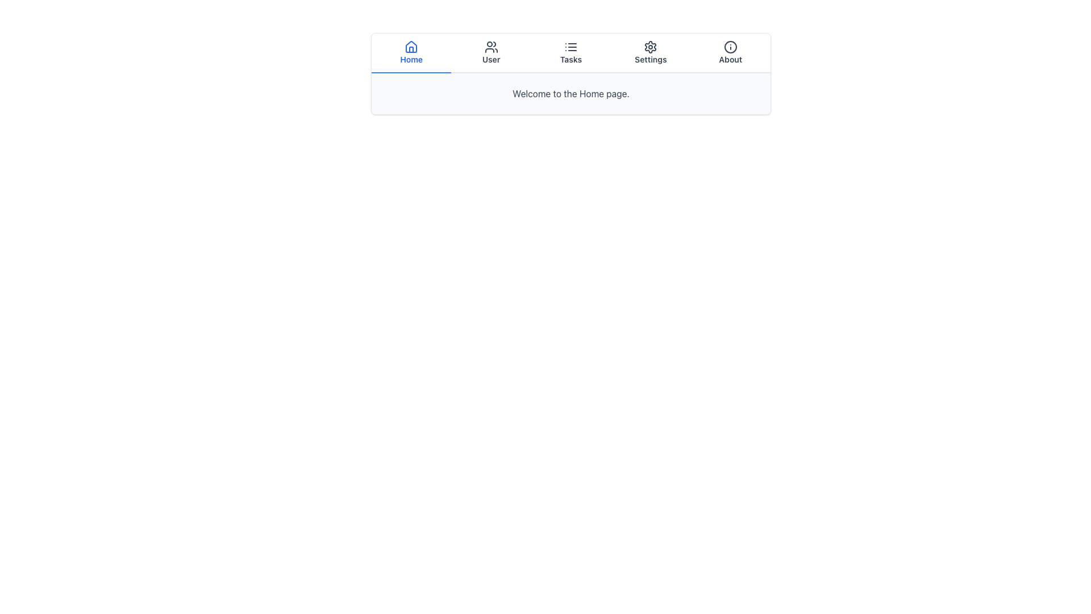 Image resolution: width=1091 pixels, height=614 pixels. What do you see at coordinates (491, 53) in the screenshot?
I see `the 'User' tab in the navigation bar, which is the second tab with an icon of grouped people and a bold label below it` at bounding box center [491, 53].